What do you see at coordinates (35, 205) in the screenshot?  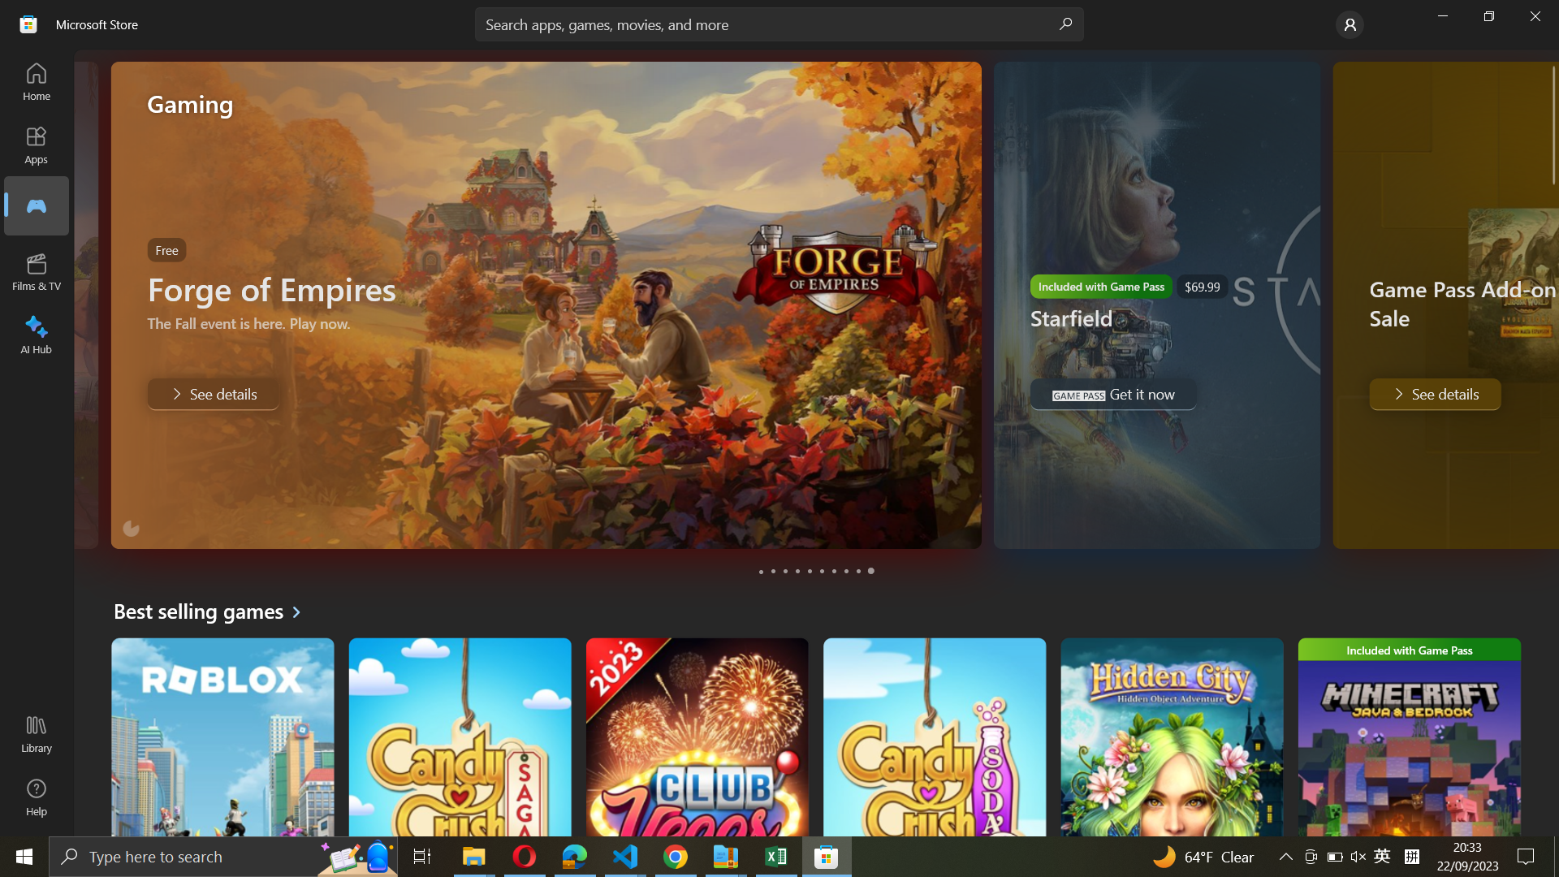 I see `Go to Games section` at bounding box center [35, 205].